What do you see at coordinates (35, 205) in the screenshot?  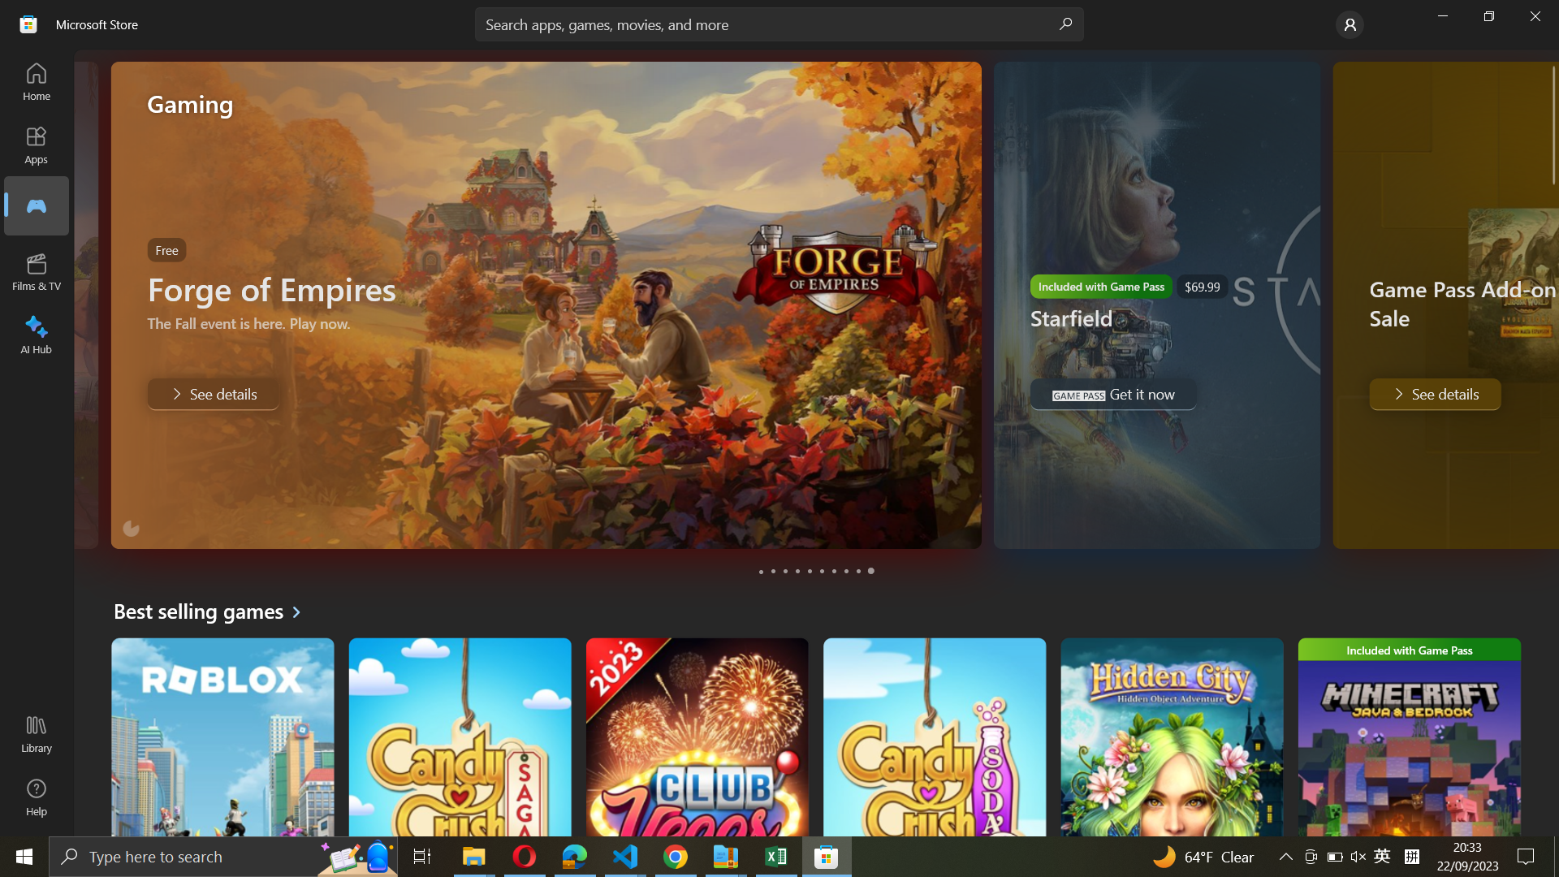 I see `Go to Games section` at bounding box center [35, 205].